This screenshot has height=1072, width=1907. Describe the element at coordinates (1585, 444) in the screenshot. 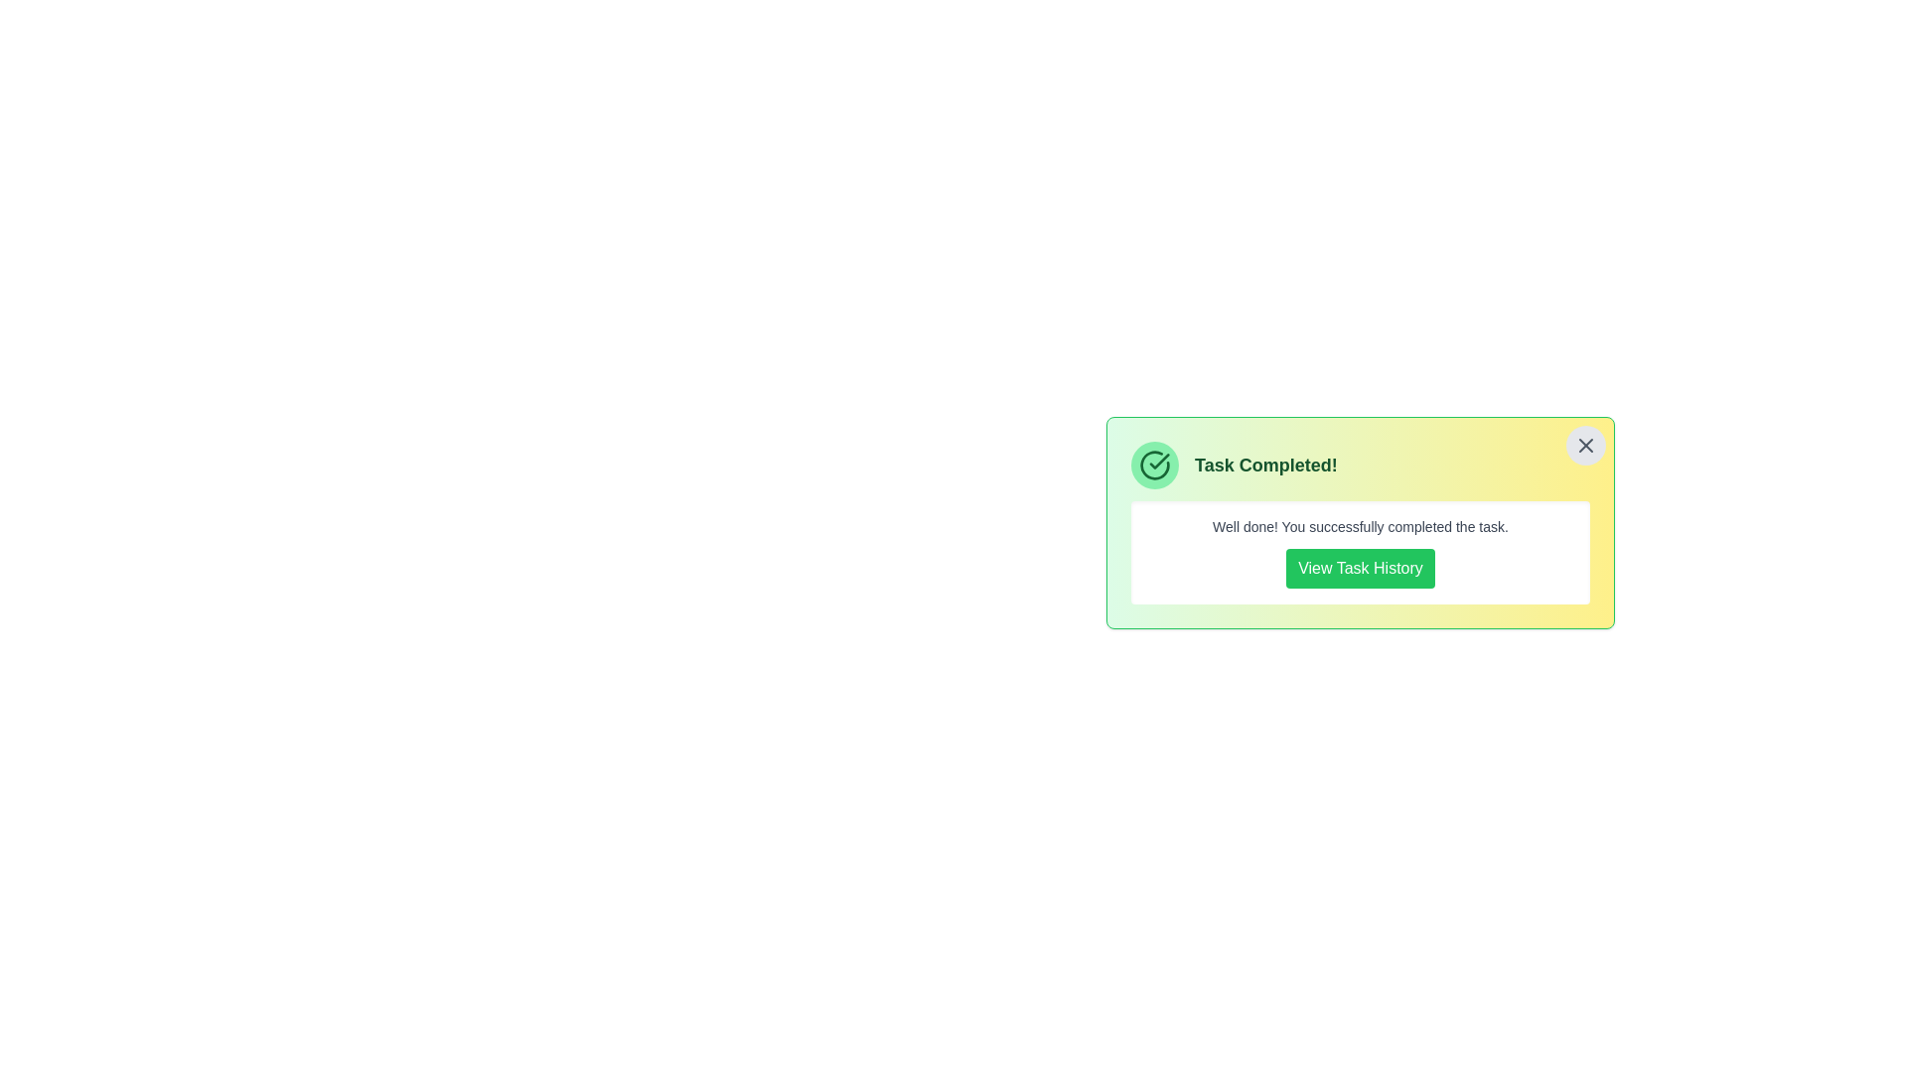

I see `the close button at the top-right corner of the alert` at that location.